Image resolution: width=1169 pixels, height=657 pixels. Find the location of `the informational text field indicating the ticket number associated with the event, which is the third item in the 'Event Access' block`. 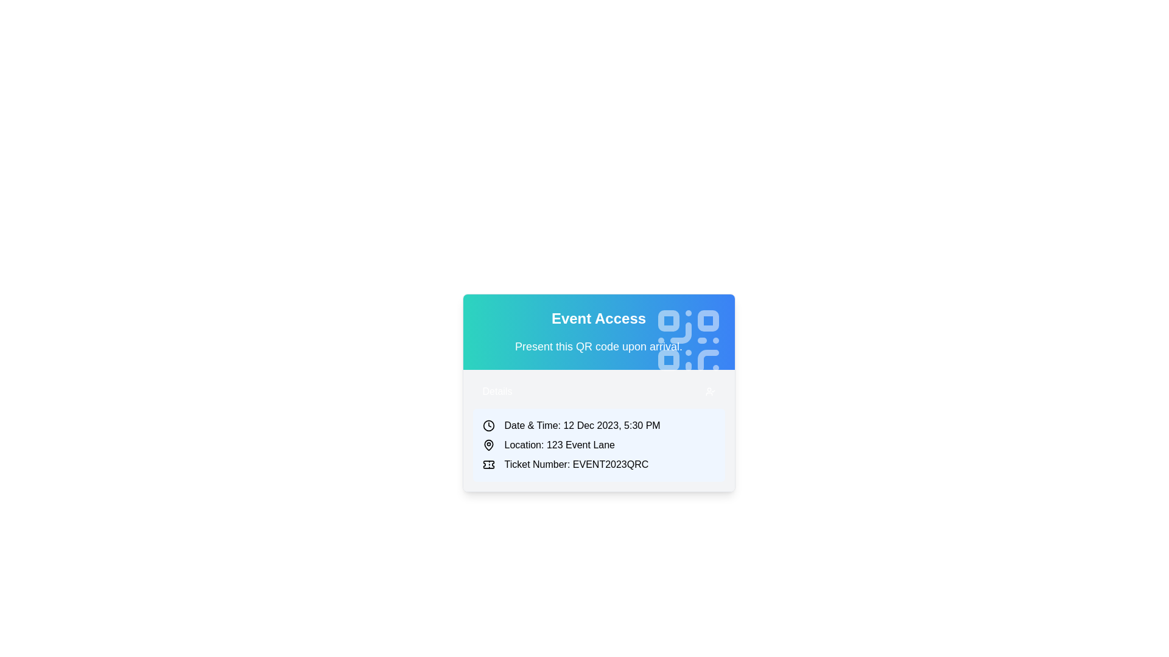

the informational text field indicating the ticket number associated with the event, which is the third item in the 'Event Access' block is located at coordinates (599, 464).